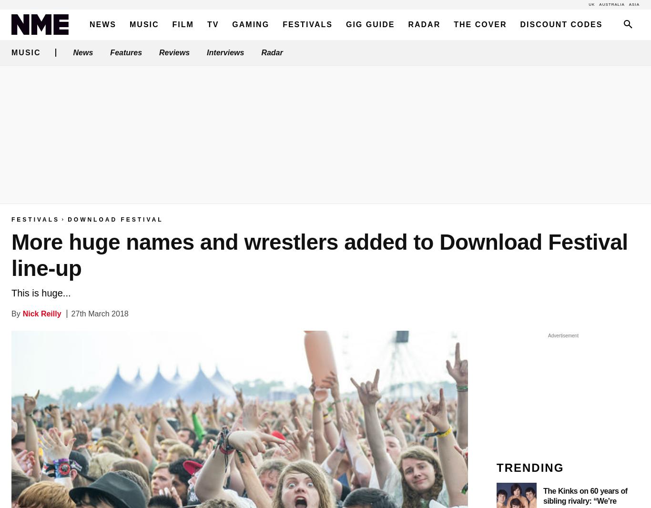 The width and height of the screenshot is (651, 508). I want to click on 'Download Festival', so click(115, 220).